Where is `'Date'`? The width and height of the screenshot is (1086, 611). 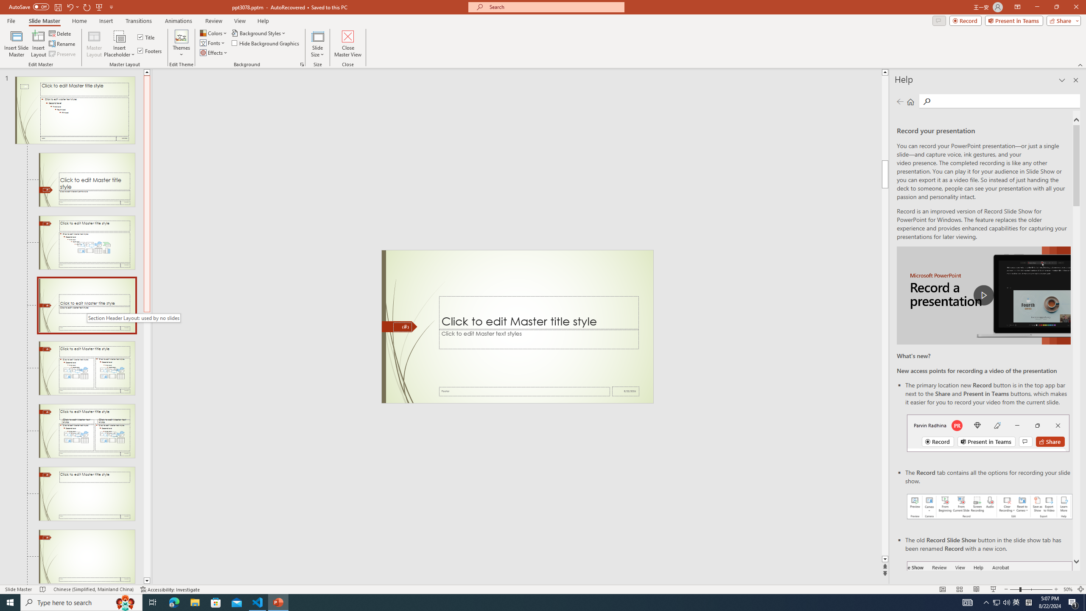
'Date' is located at coordinates (626, 391).